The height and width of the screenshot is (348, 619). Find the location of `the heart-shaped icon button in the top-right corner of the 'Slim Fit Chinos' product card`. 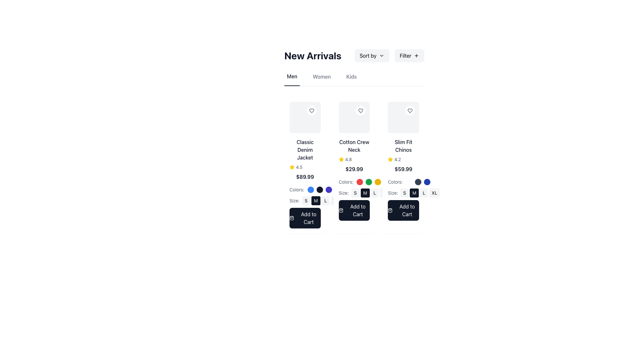

the heart-shaped icon button in the top-right corner of the 'Slim Fit Chinos' product card is located at coordinates (410, 110).